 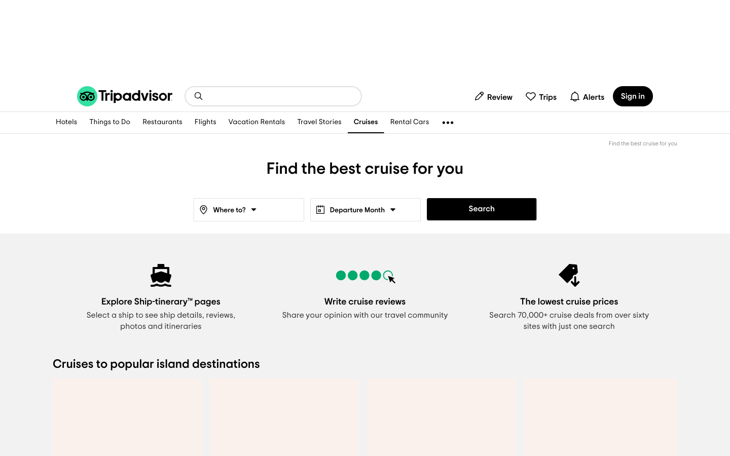 I want to click on sign-in page, so click(x=632, y=96).